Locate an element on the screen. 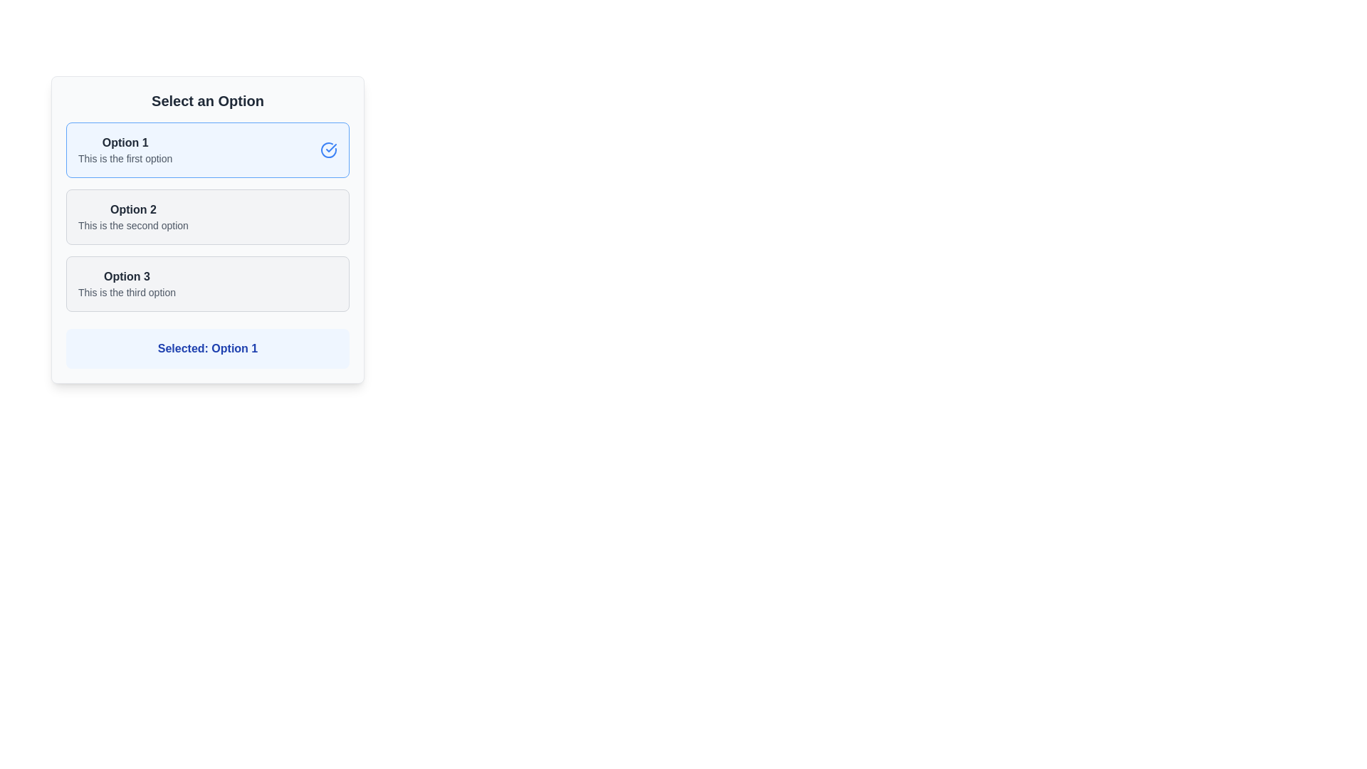 The height and width of the screenshot is (769, 1367). the first selectable option text label 'Option 1' is located at coordinates (125, 142).